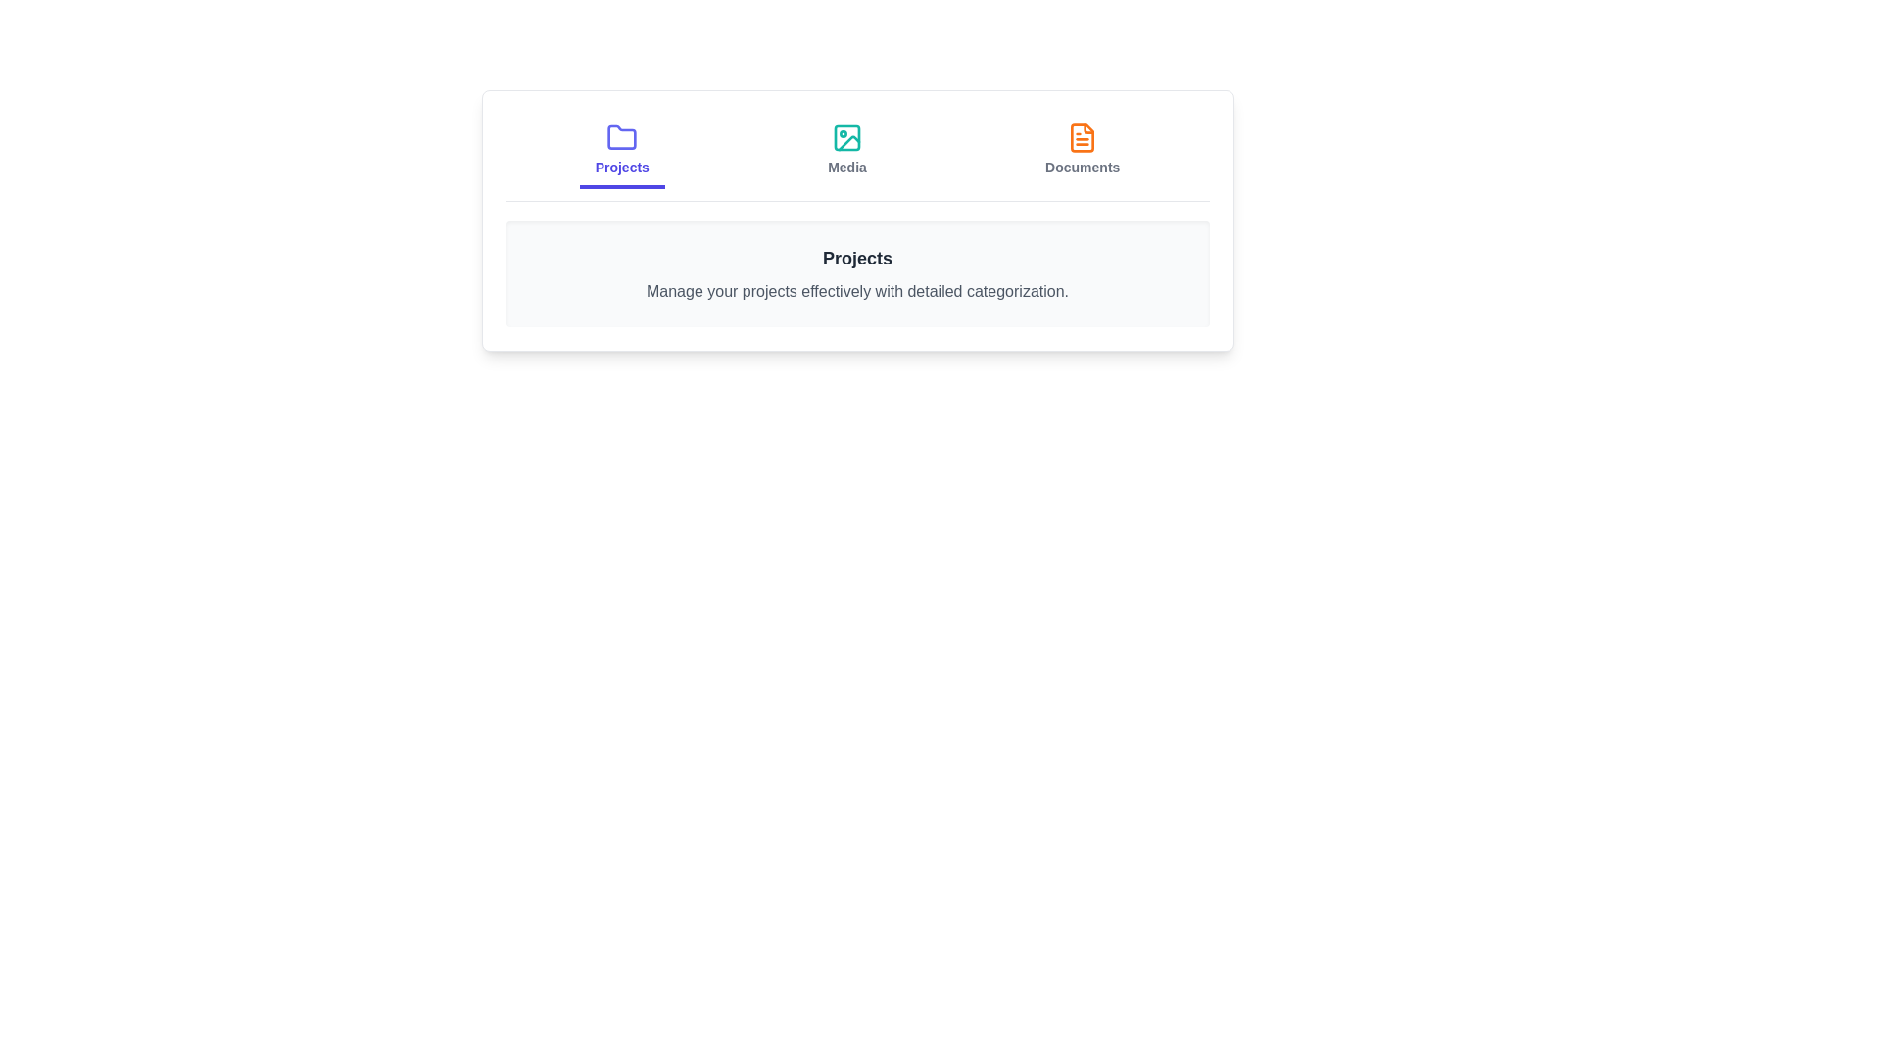 The width and height of the screenshot is (1881, 1058). I want to click on the Projects tab to observe its content, so click(621, 150).